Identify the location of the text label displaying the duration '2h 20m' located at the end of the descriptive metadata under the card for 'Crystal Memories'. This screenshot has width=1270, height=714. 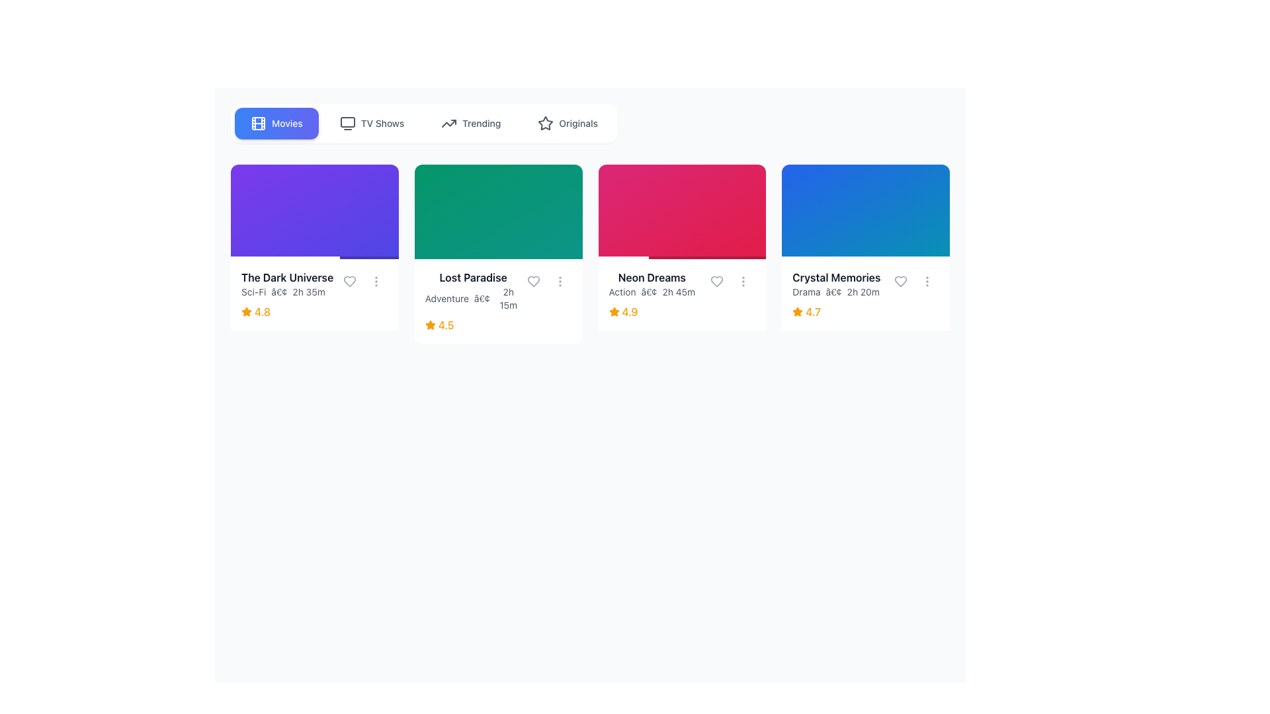
(863, 291).